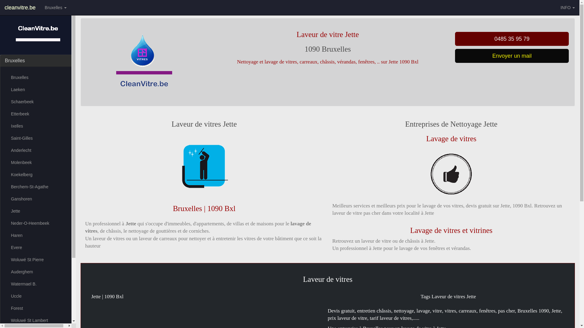 This screenshot has height=328, width=584. Describe the element at coordinates (512, 39) in the screenshot. I see `'0485 35 95 79'` at that location.